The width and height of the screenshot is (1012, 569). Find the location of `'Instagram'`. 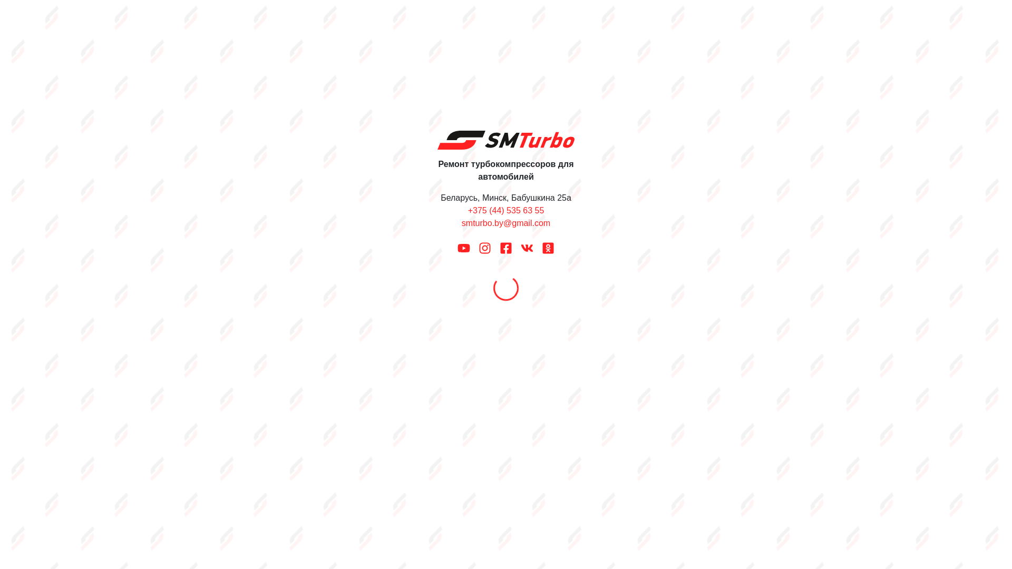

'Instagram' is located at coordinates (484, 247).